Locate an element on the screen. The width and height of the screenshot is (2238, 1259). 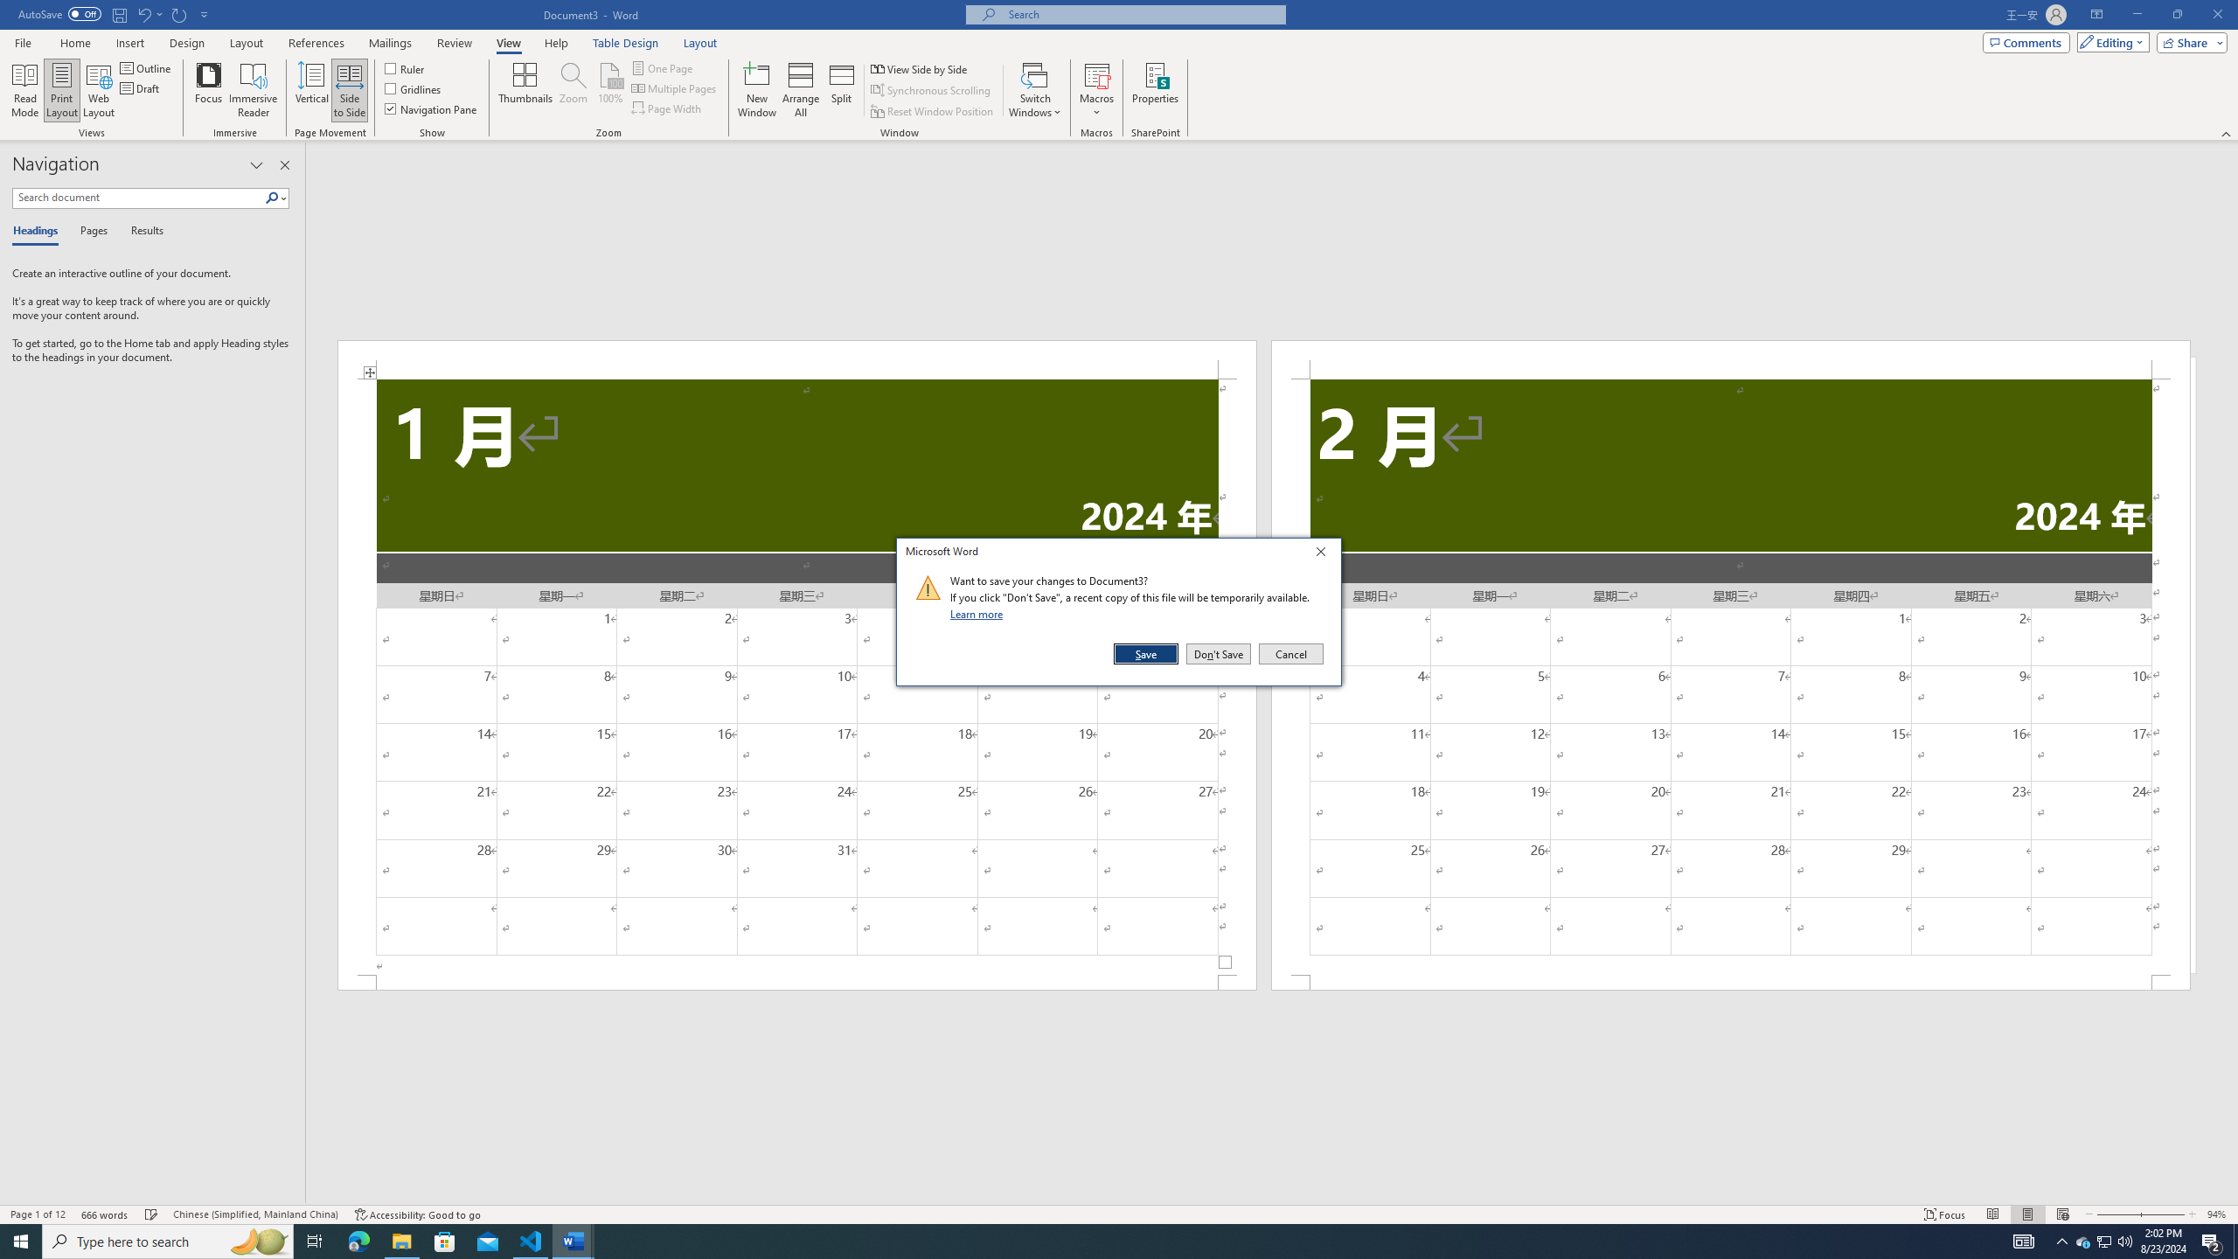
'Spelling and Grammar Check Checking' is located at coordinates (152, 1214).